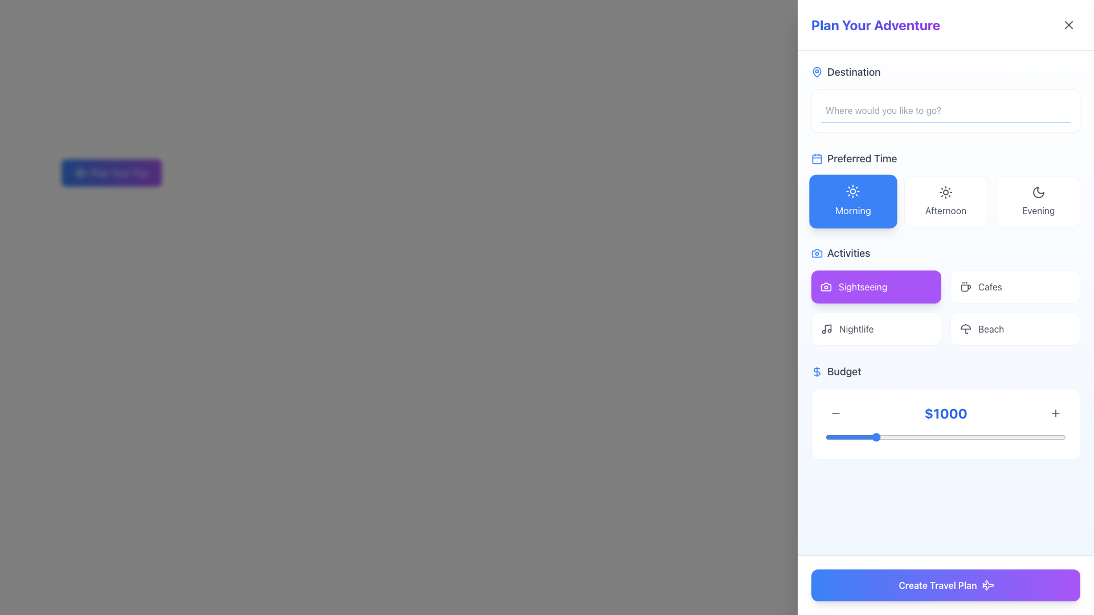 Image resolution: width=1094 pixels, height=615 pixels. What do you see at coordinates (1036, 436) in the screenshot?
I see `the budget value` at bounding box center [1036, 436].